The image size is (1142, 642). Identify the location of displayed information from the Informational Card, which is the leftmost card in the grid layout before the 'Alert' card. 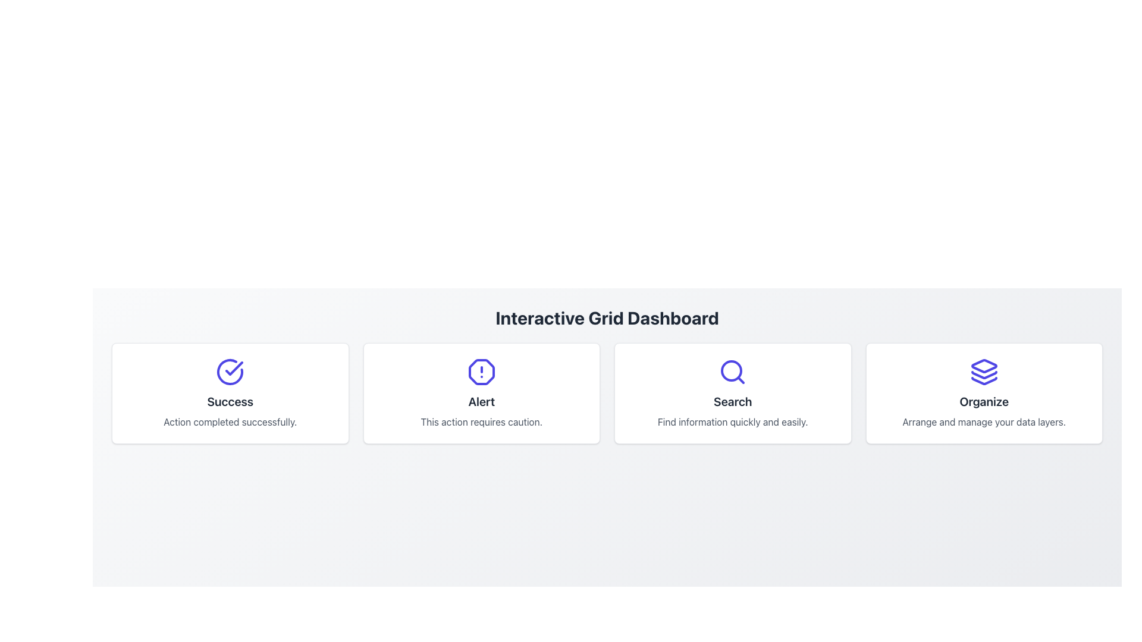
(230, 394).